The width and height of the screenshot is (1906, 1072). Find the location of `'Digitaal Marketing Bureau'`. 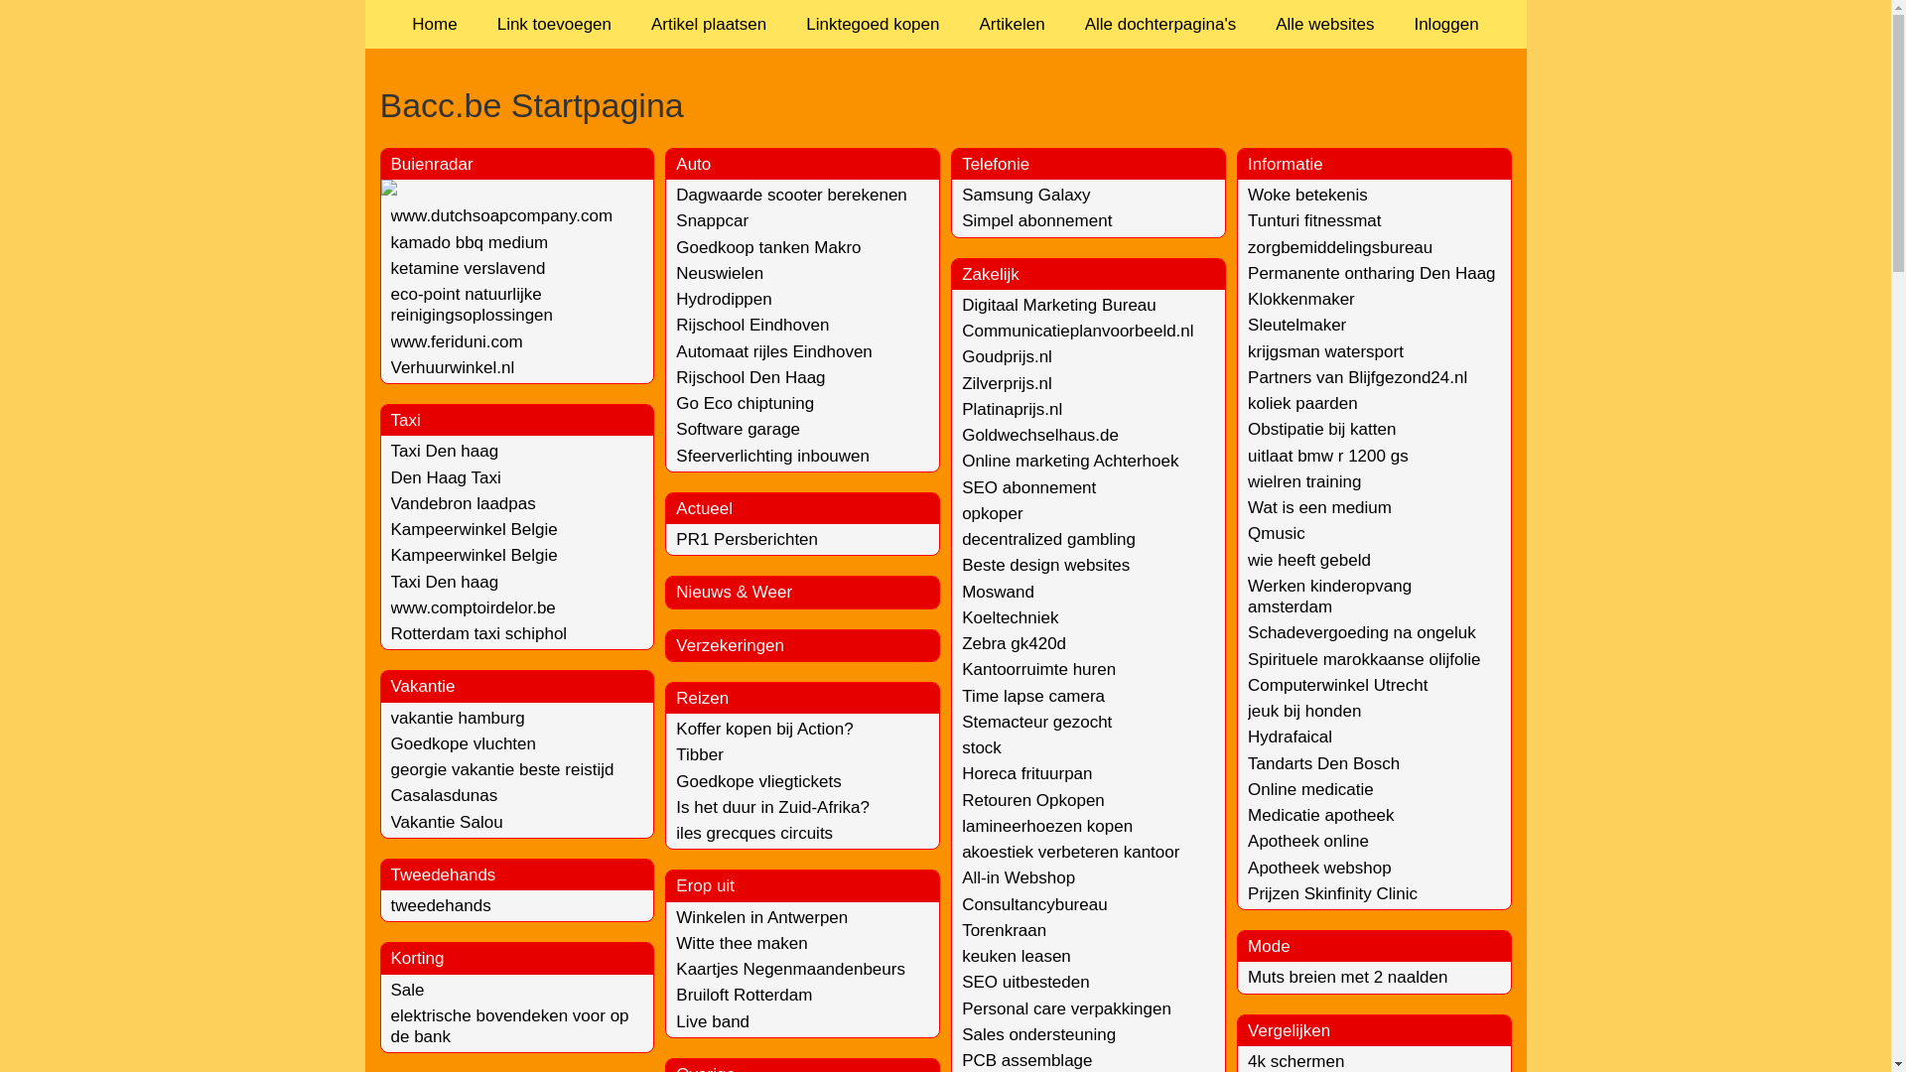

'Digitaal Marketing Bureau' is located at coordinates (1057, 305).